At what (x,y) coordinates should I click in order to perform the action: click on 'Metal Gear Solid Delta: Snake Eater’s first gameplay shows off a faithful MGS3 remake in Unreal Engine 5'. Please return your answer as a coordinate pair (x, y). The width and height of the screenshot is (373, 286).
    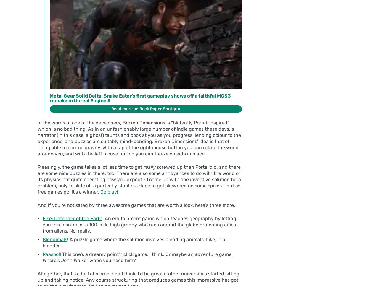
    Looking at the image, I should click on (49, 98).